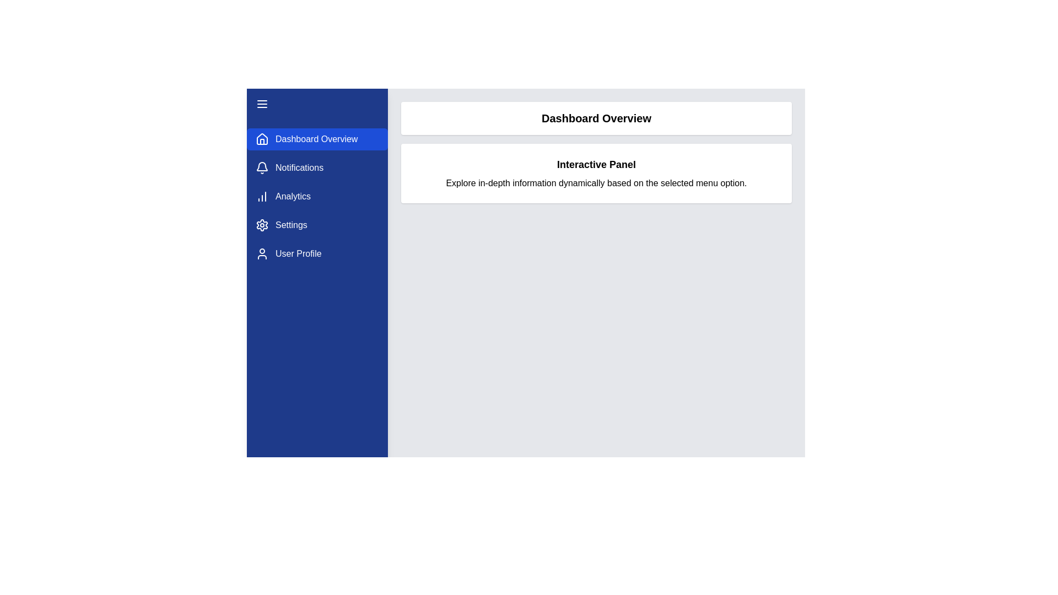  Describe the element at coordinates (596, 174) in the screenshot. I see `text displayed in the descriptive panel located below the 'Dashboard Overview' header, which provides an overview or instructions about the interactive features available based on menu selections` at that location.